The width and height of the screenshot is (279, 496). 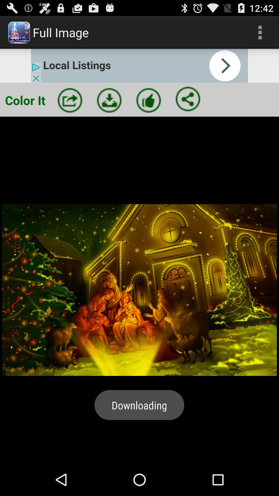 What do you see at coordinates (109, 100) in the screenshot?
I see `download item` at bounding box center [109, 100].